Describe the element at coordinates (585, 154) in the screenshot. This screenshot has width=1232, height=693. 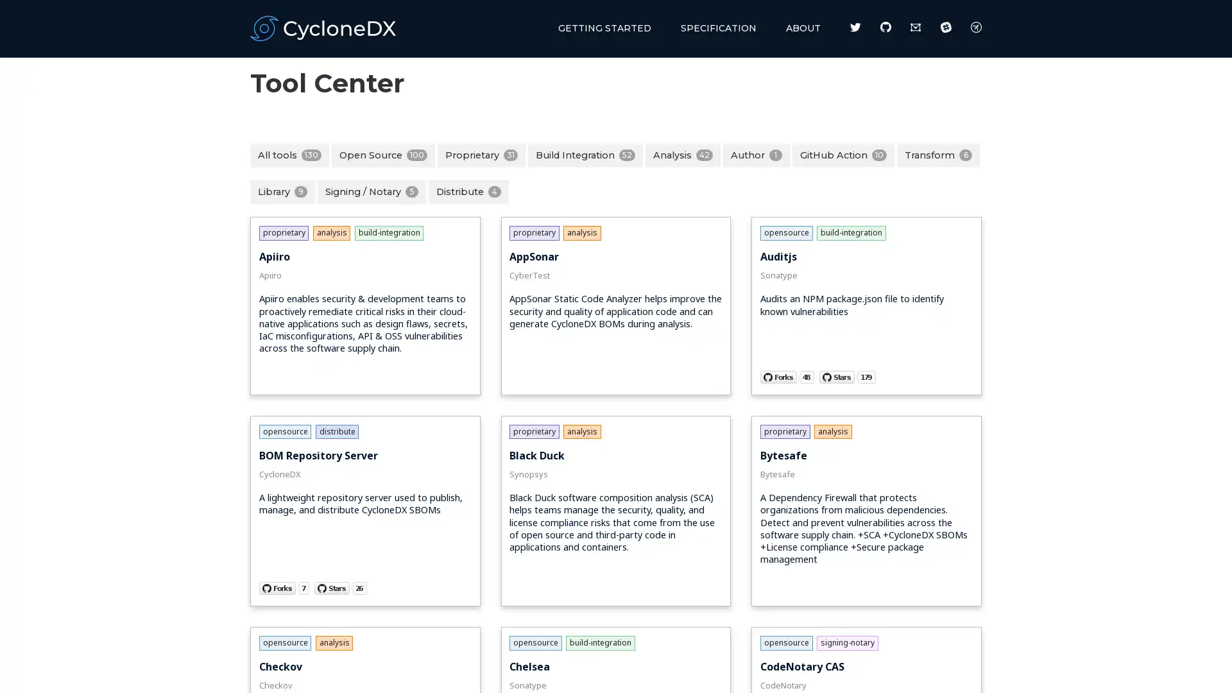
I see `Build Integration 52` at that location.